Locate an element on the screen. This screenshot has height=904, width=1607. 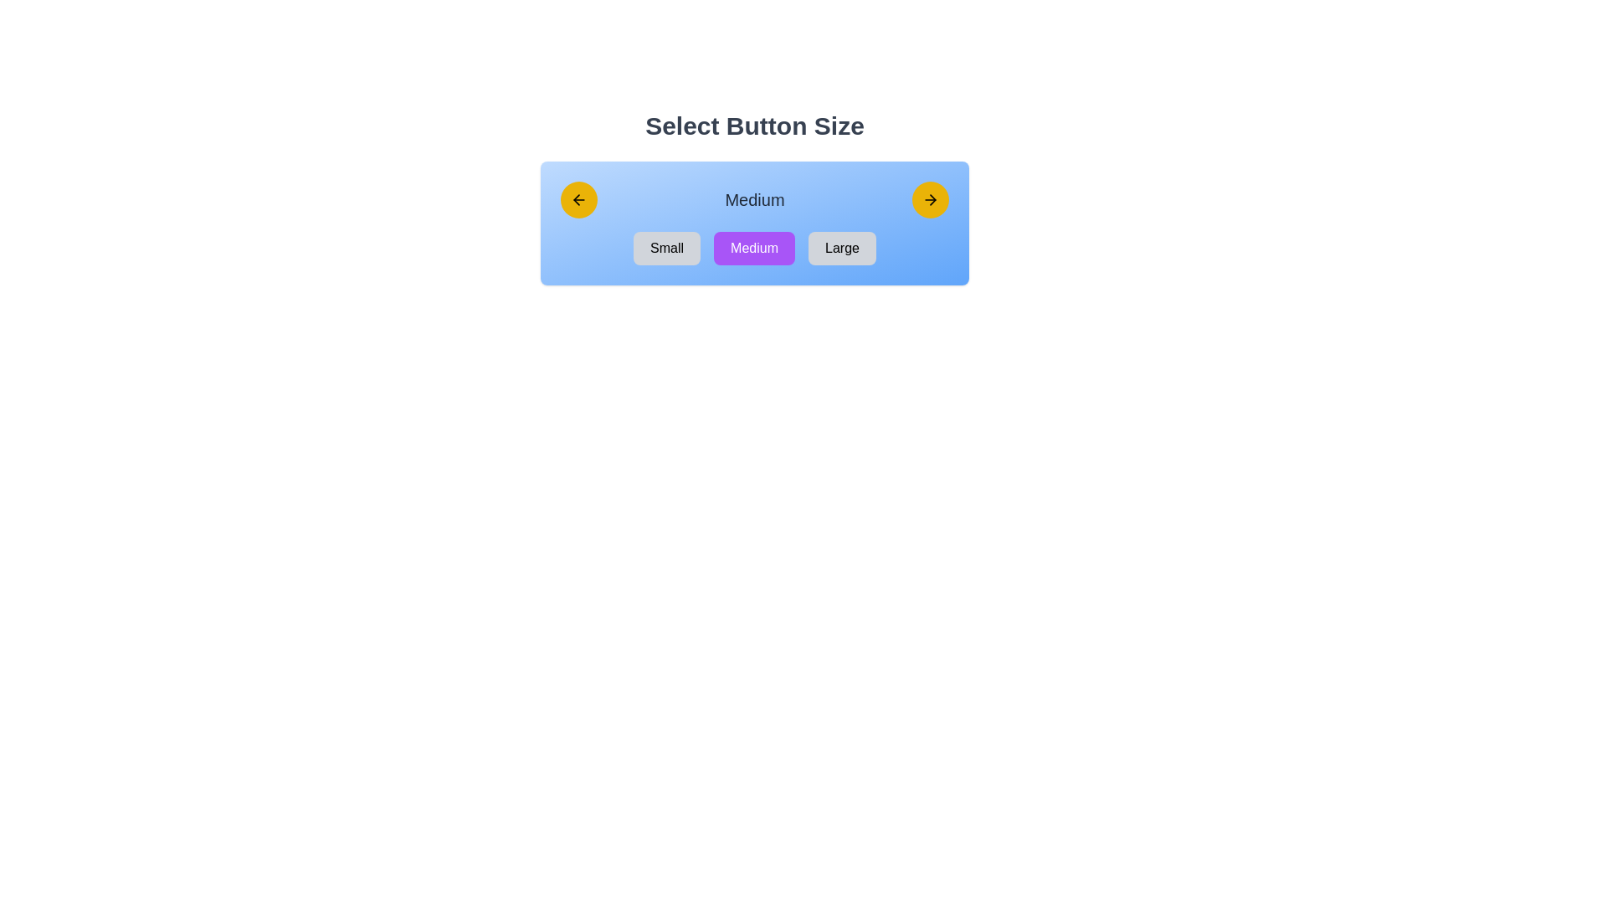
the Static text display element that shows the current selection or state, 'Medium', located in the center of a blue rounded rectangle is located at coordinates (754, 199).